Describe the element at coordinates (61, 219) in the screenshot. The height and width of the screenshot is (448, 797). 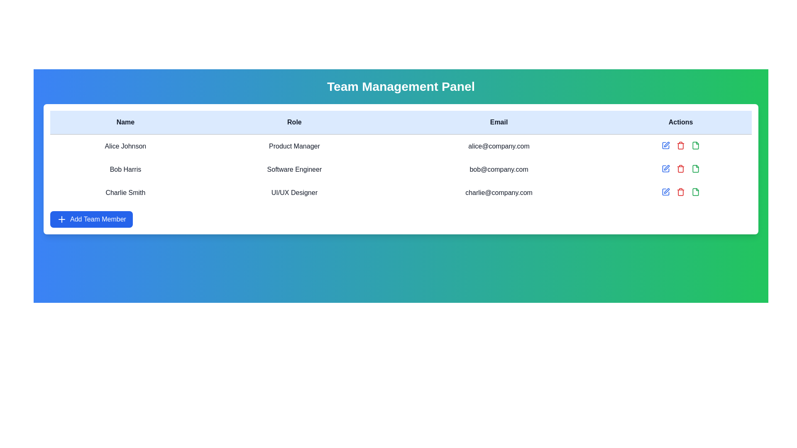
I see `the 'Add Team Member' icon located near the bottom left corner of the interface, just beneath the list of team members` at that location.